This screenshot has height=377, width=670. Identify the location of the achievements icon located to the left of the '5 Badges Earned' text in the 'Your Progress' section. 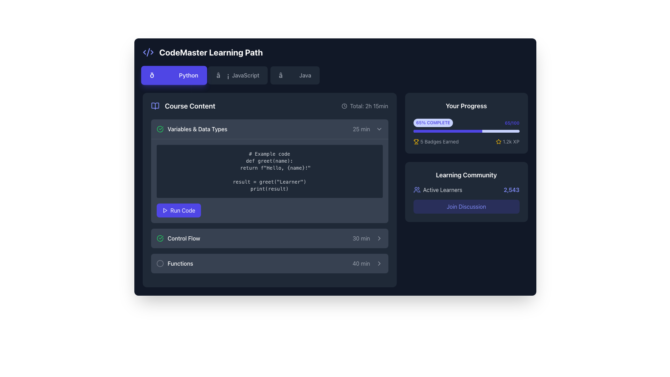
(416, 141).